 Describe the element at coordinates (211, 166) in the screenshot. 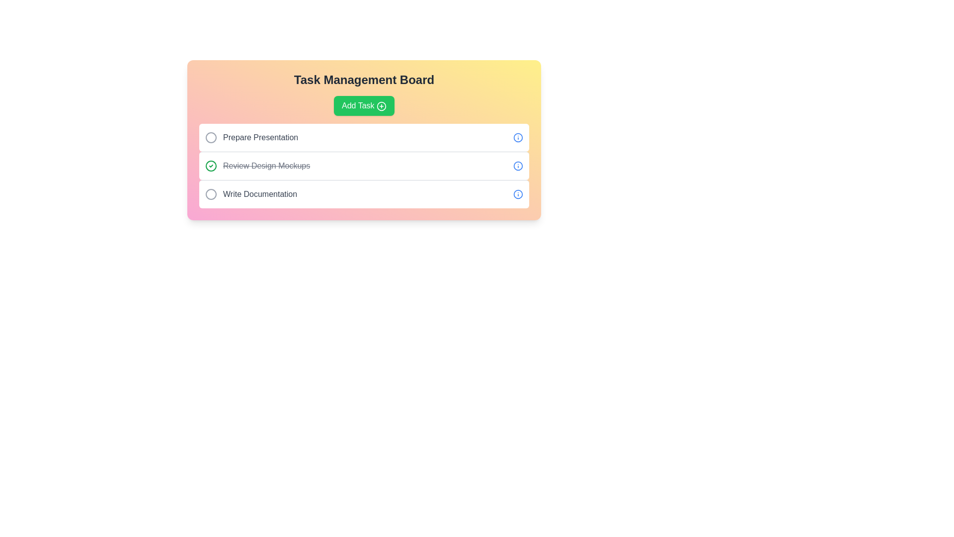

I see `the name of the task Review Design Mockups` at that location.